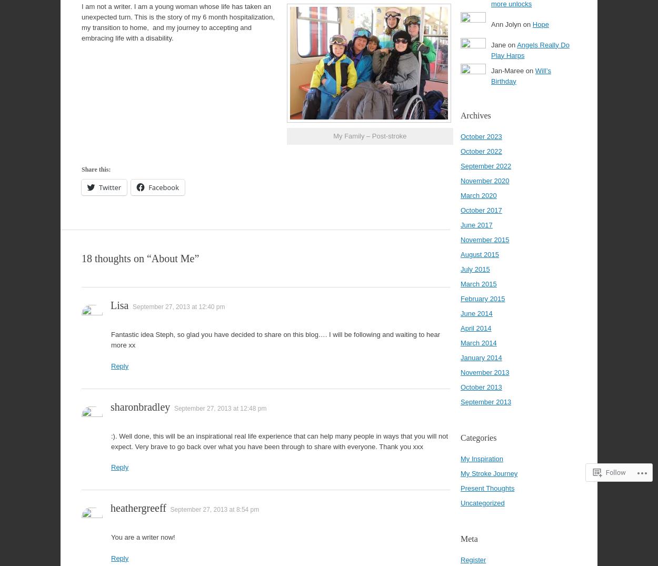 This screenshot has width=658, height=566. What do you see at coordinates (96, 168) in the screenshot?
I see `'Share this:'` at bounding box center [96, 168].